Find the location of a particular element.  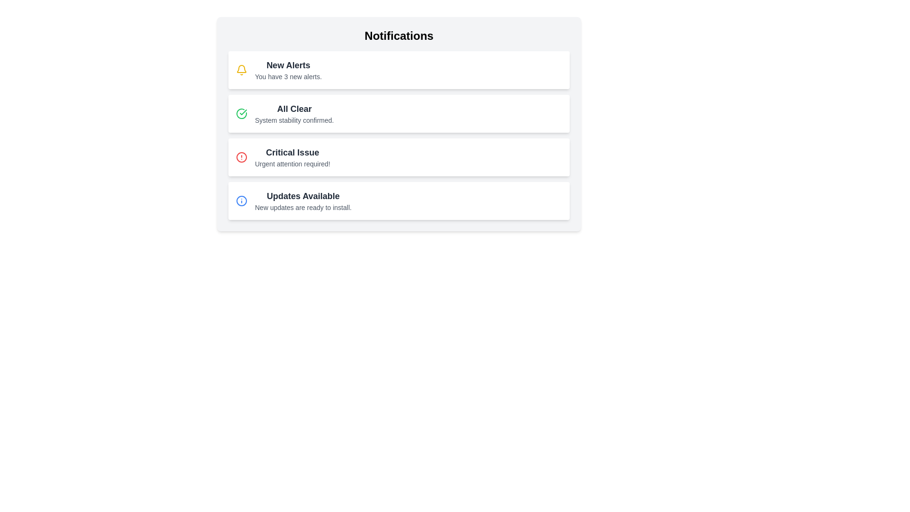

the text label that serves as the header of the notification panel, located at the top and spanning horizontally across the panel is located at coordinates (399, 36).